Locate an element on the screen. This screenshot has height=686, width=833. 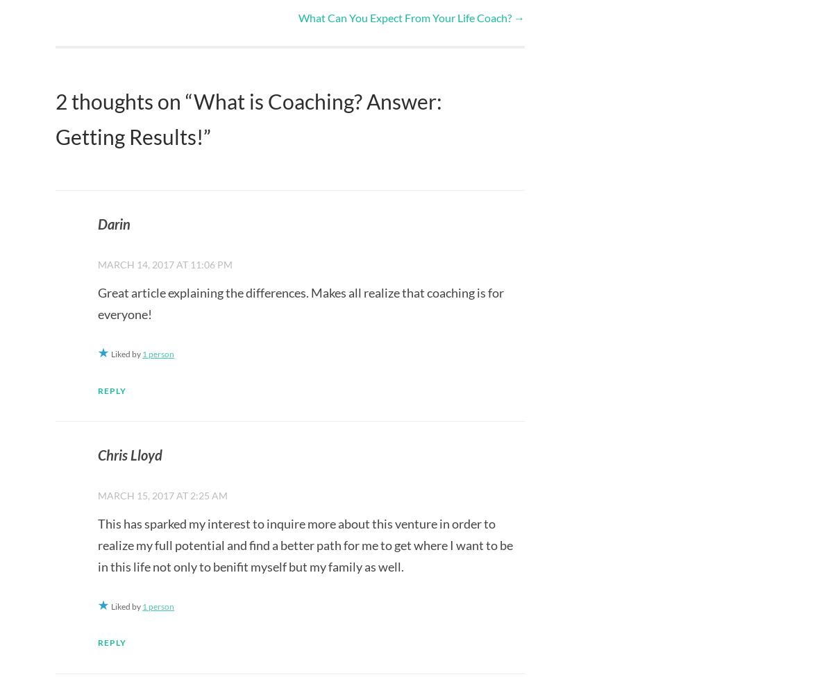
'March 14, 2017 at 11:06 pm' is located at coordinates (98, 263).